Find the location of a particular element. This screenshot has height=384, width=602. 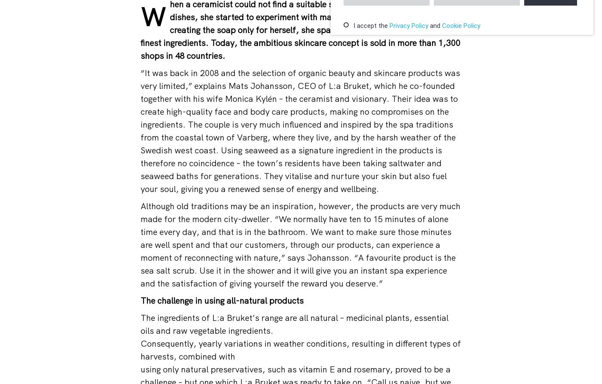

'and' is located at coordinates (435, 25).